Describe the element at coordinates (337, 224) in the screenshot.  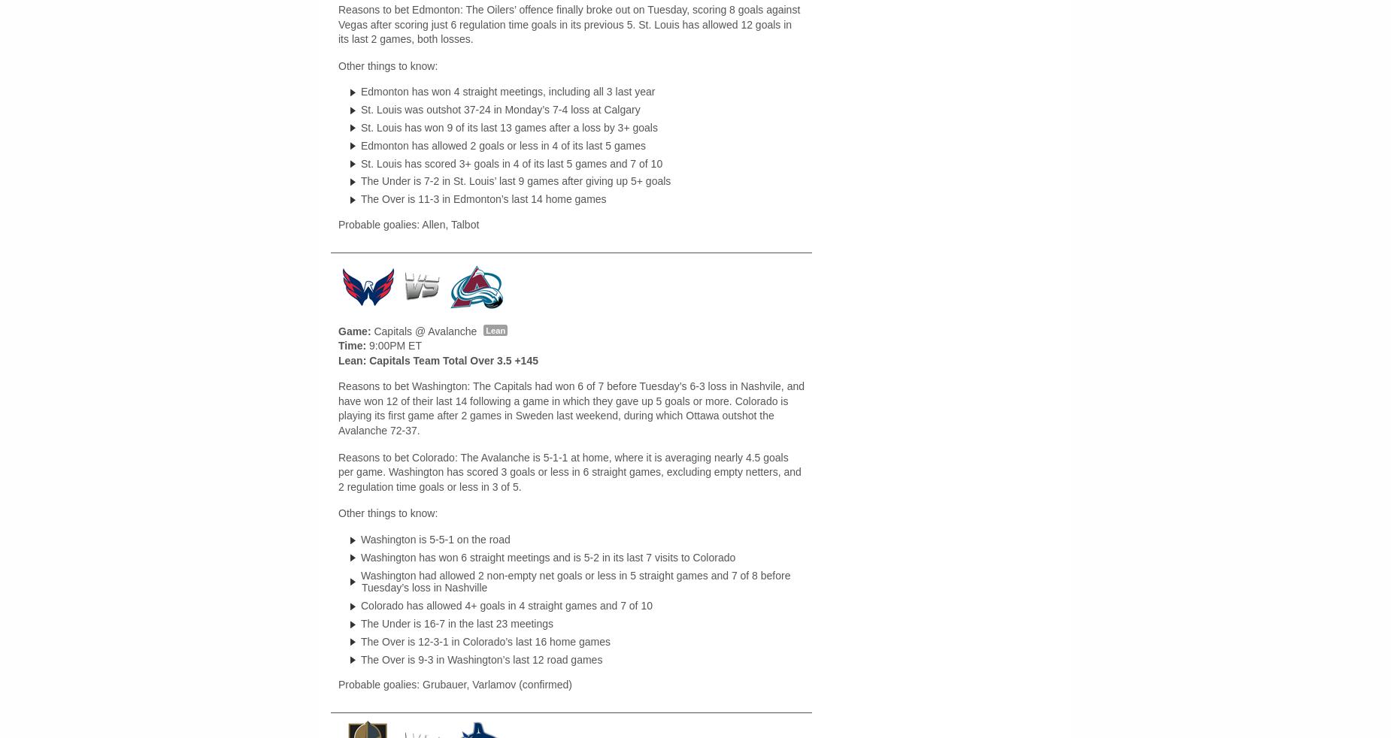
I see `'Probable goalies: Allen, Talbot'` at that location.